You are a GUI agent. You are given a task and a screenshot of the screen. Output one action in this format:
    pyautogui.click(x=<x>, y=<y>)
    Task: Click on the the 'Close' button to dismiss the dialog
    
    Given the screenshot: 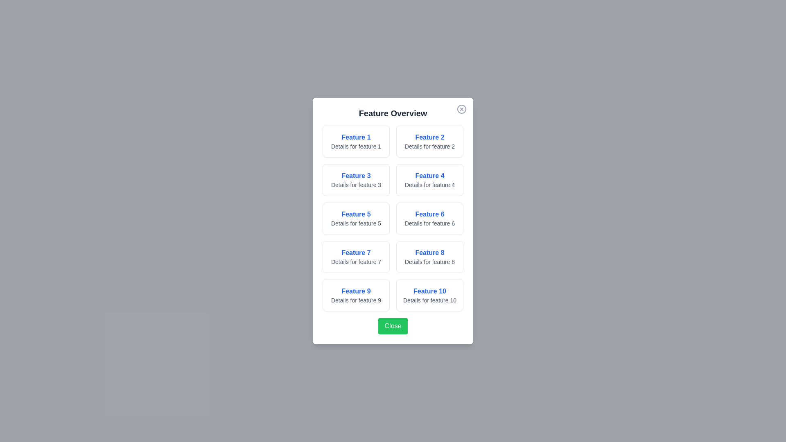 What is the action you would take?
    pyautogui.click(x=393, y=326)
    